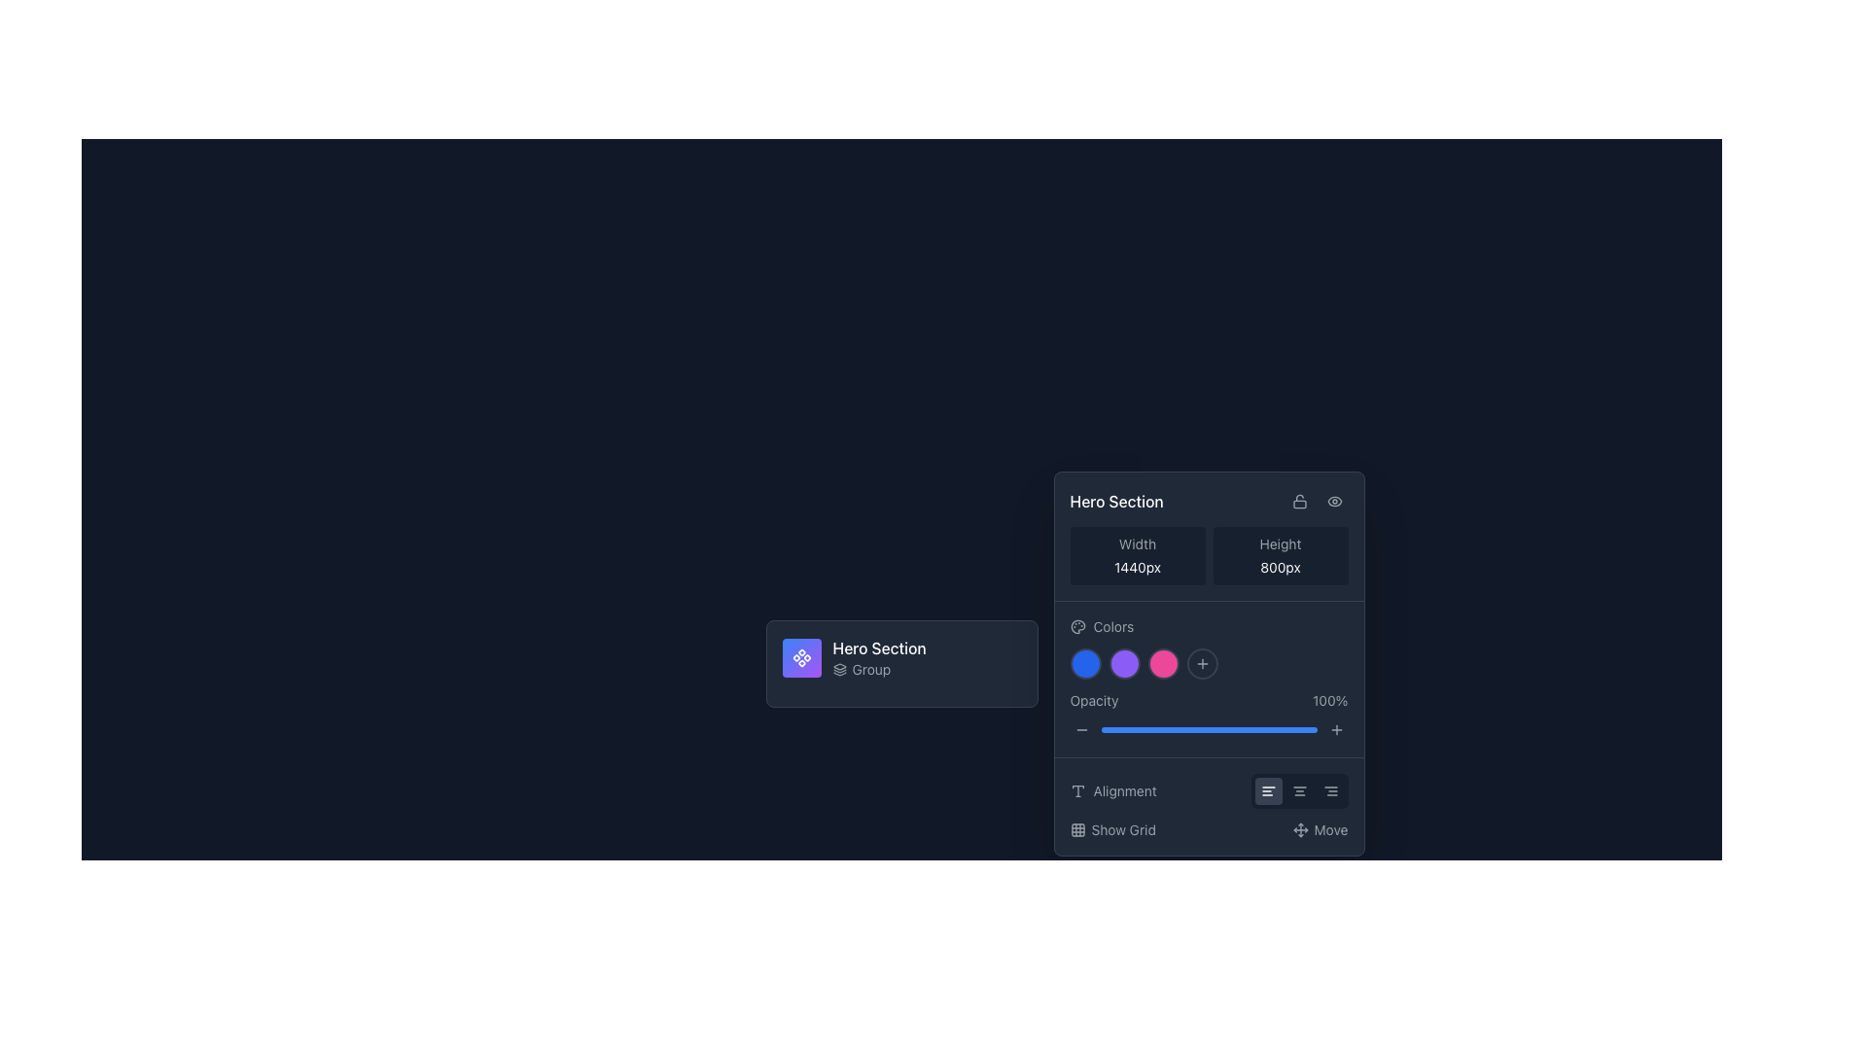 The width and height of the screenshot is (1867, 1050). I want to click on text displayed in the Text Label that shows the current opacity value as a percentage, located near the bottom-right corner of the opacity control section, to the right of the 'Opacity' label, so click(1329, 701).